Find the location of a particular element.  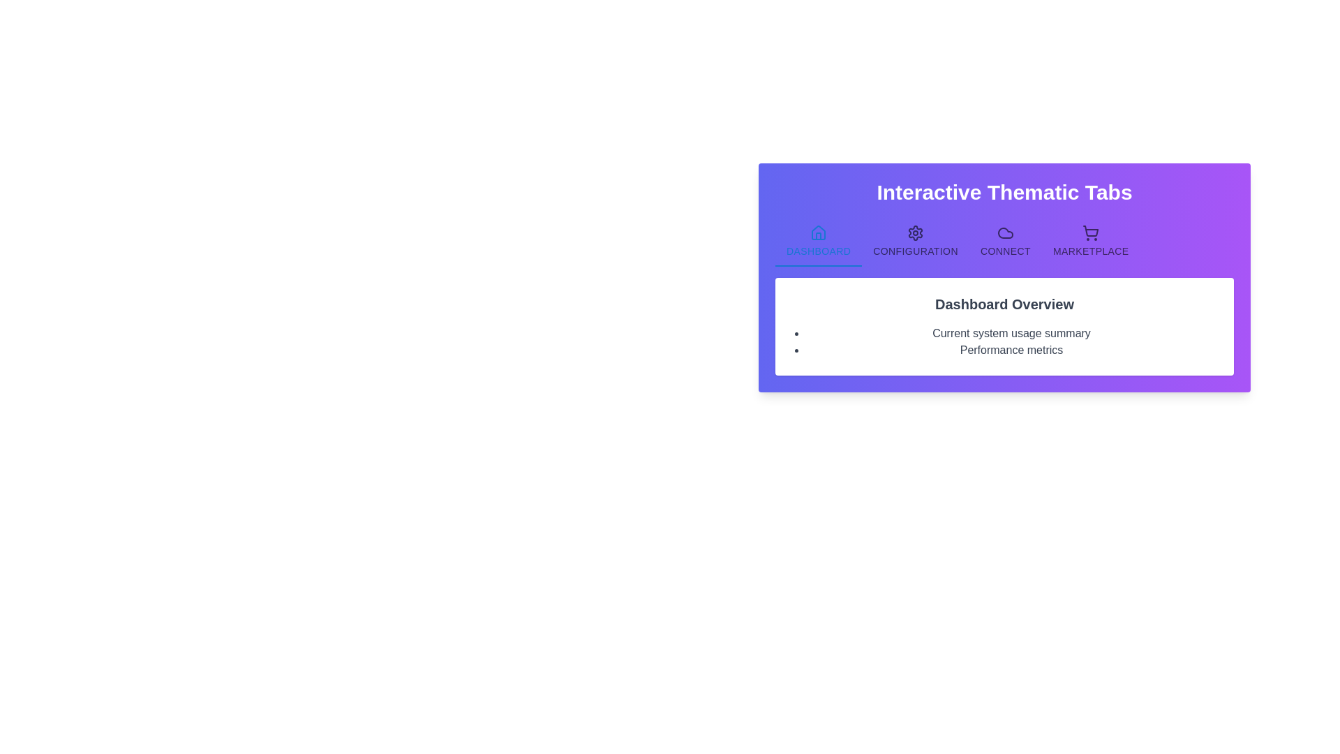

the 'Connect' tab, which is the third tab in the horizontal tab group located at the top of the interface is located at coordinates (1005, 241).